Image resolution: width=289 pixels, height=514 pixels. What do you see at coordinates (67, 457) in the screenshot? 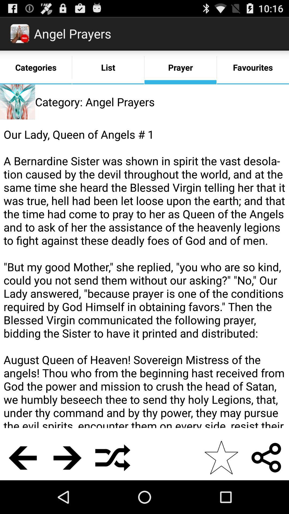
I see `jump the page` at bounding box center [67, 457].